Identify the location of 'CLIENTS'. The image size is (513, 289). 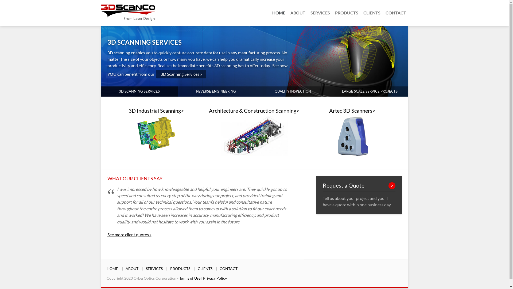
(205, 268).